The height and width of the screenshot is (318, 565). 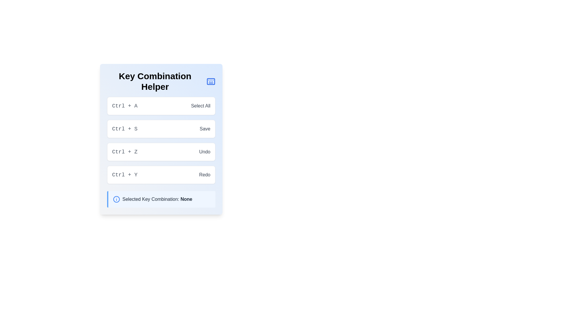 I want to click on the text label displaying 'Ctrl + S' which is styled in light gray color and is part of a shortcut combination display, so click(x=124, y=129).